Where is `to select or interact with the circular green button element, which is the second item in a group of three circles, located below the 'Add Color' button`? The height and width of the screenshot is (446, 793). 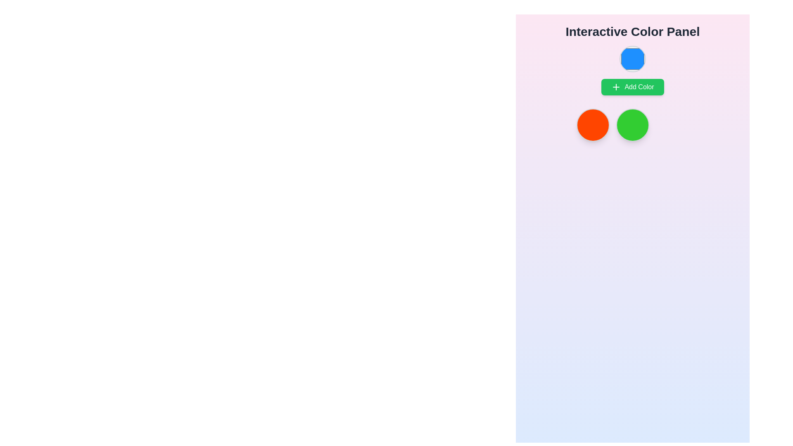
to select or interact with the circular green button element, which is the second item in a group of three circles, located below the 'Add Color' button is located at coordinates (632, 125).